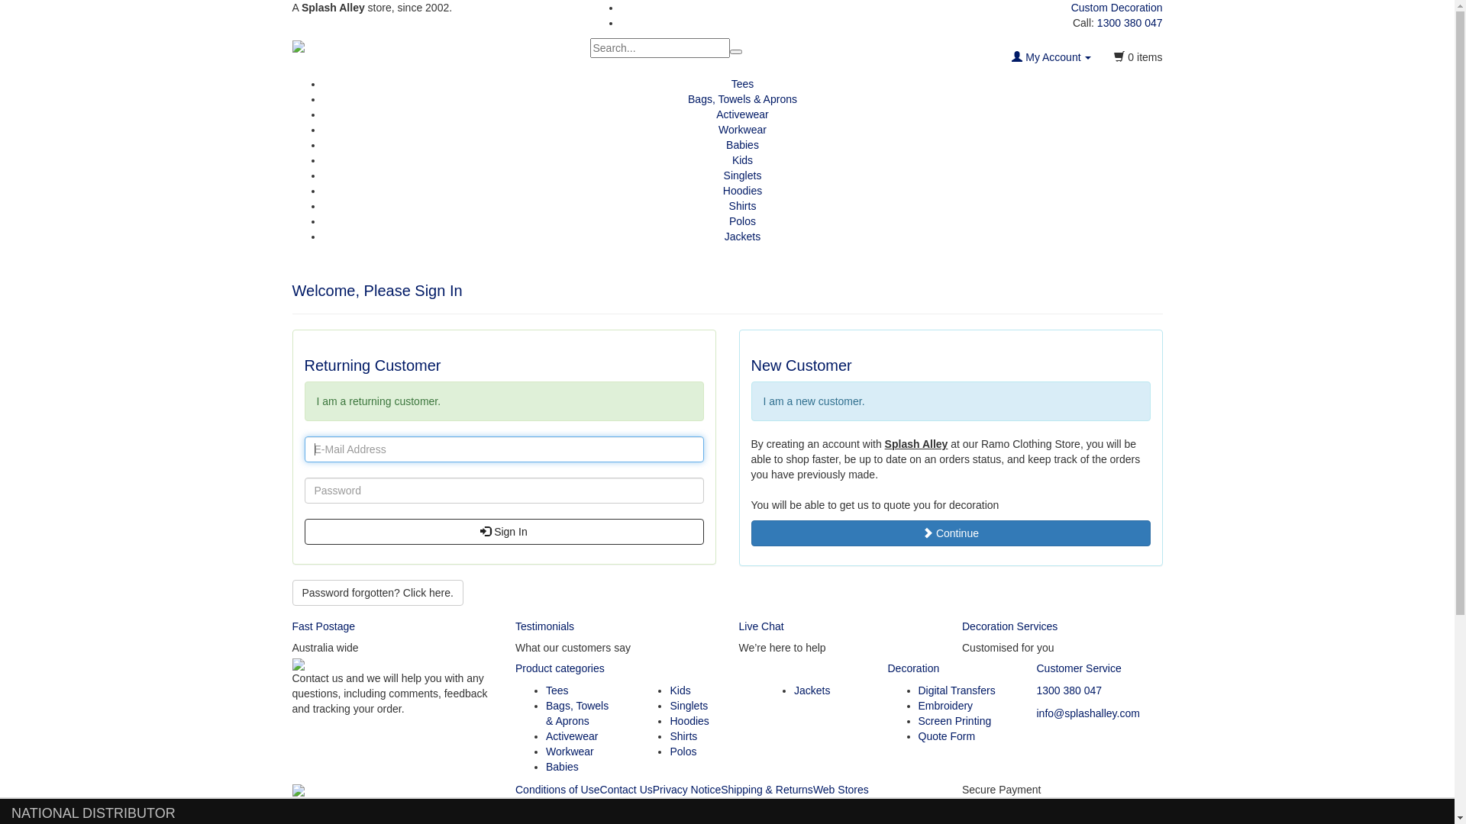 This screenshot has width=1466, height=824. What do you see at coordinates (722, 190) in the screenshot?
I see `'Hoodies'` at bounding box center [722, 190].